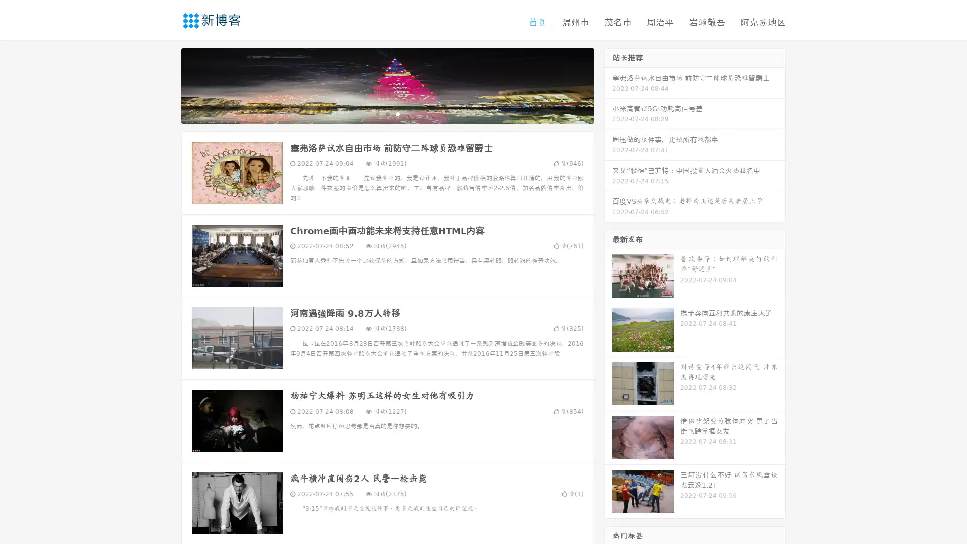 Image resolution: width=967 pixels, height=544 pixels. Describe the element at coordinates (377, 113) in the screenshot. I see `Go to slide 1` at that location.